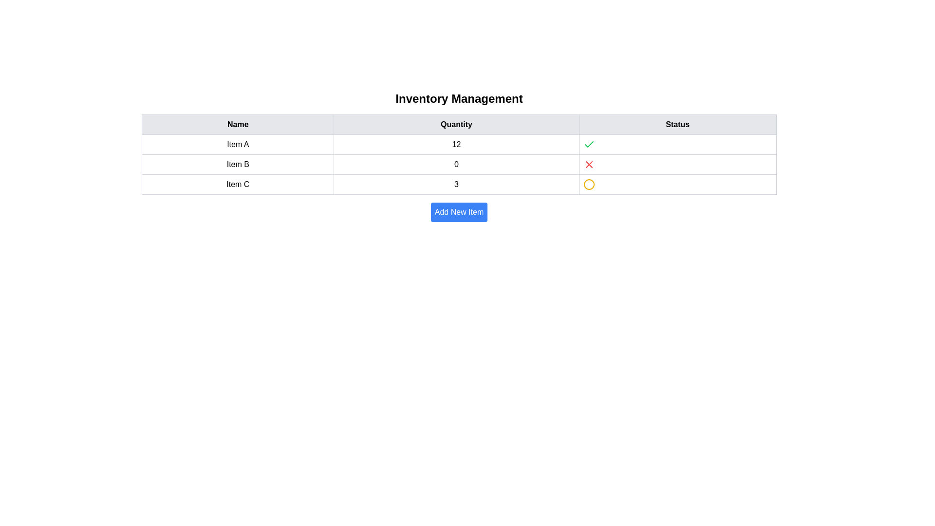 Image resolution: width=935 pixels, height=526 pixels. I want to click on the green checkmark icon indicating confirmation for 'Item A' in the first row of the table under the 'Status' column, so click(588, 145).